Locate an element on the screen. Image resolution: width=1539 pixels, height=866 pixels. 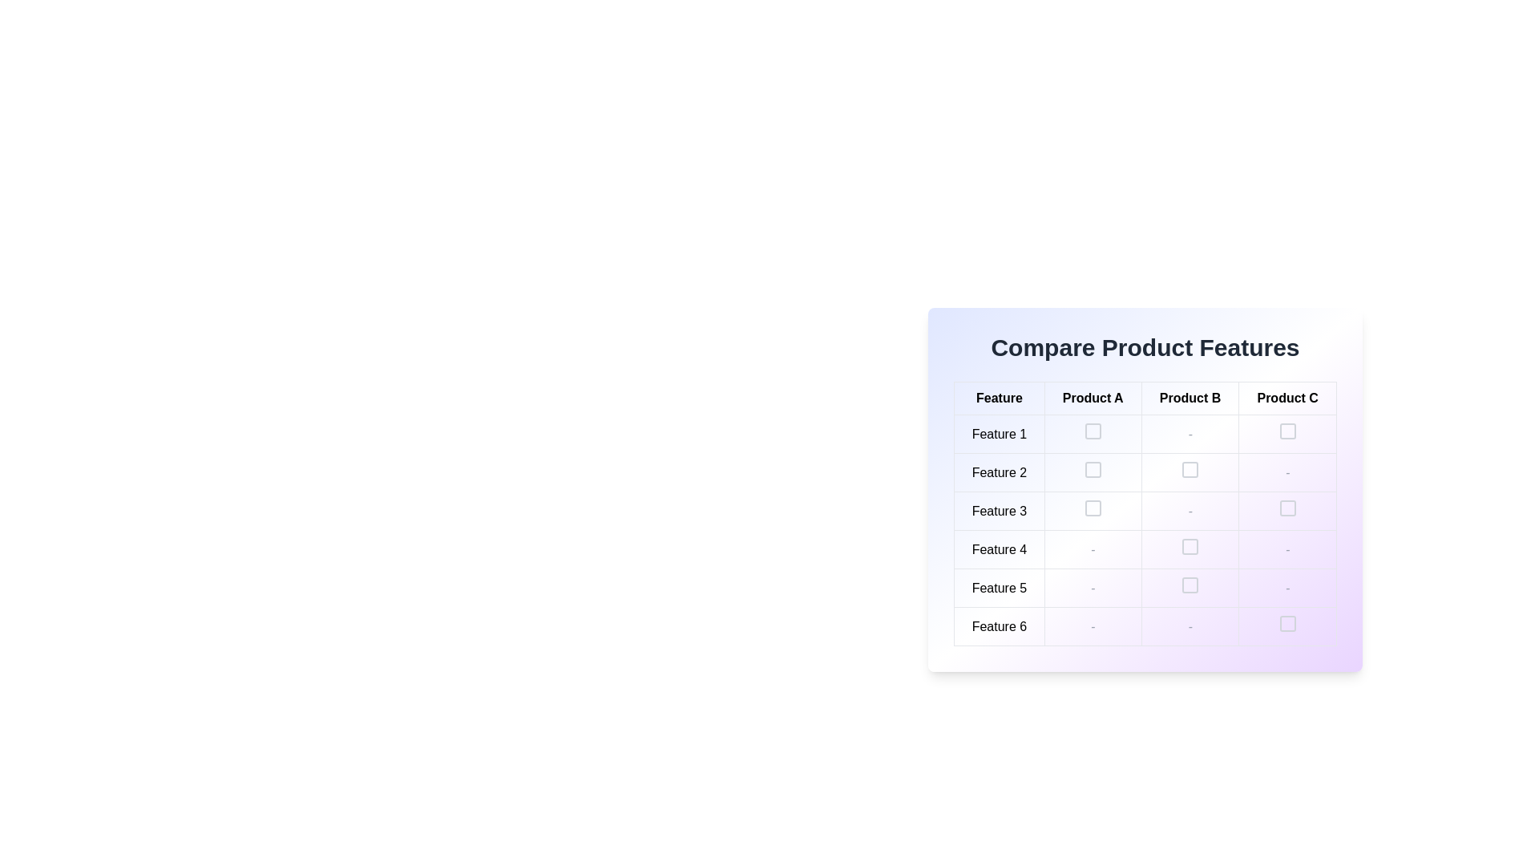
the text label displaying 'Feature 6' in black font on a white background, located in the first column of the last row of a table-like structure is located at coordinates (998, 625).